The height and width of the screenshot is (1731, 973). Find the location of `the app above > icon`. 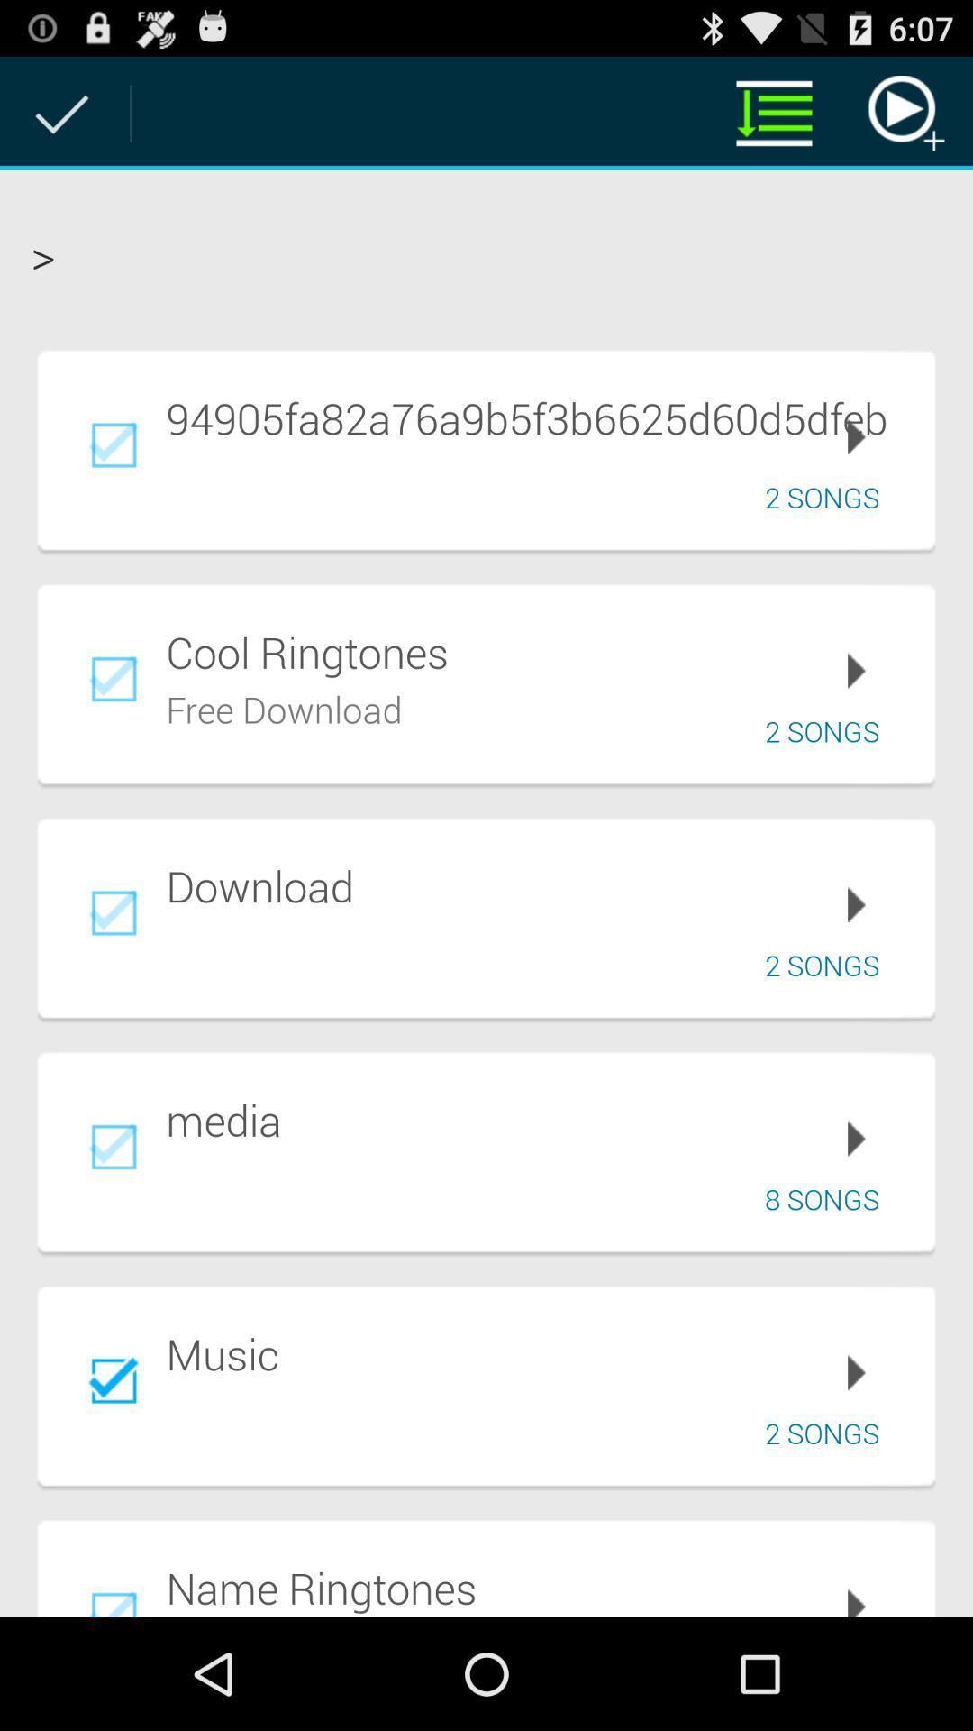

the app above > icon is located at coordinates (773, 112).